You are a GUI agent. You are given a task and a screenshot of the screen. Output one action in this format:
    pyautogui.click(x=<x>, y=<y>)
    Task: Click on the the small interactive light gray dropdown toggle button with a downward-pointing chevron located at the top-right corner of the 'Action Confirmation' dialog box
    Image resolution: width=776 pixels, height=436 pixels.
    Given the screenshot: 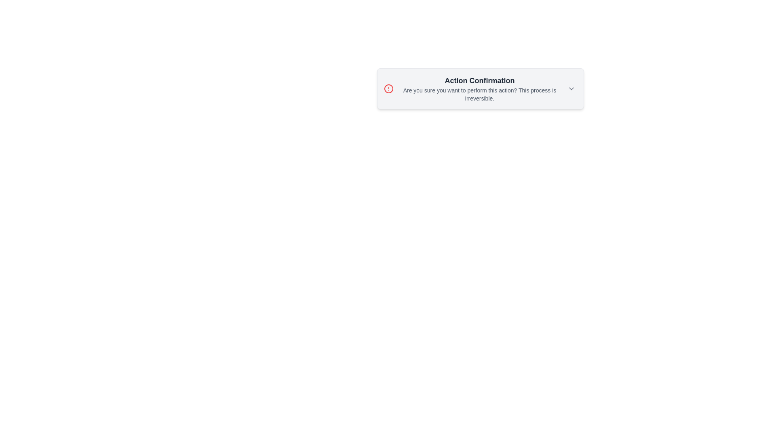 What is the action you would take?
    pyautogui.click(x=571, y=88)
    